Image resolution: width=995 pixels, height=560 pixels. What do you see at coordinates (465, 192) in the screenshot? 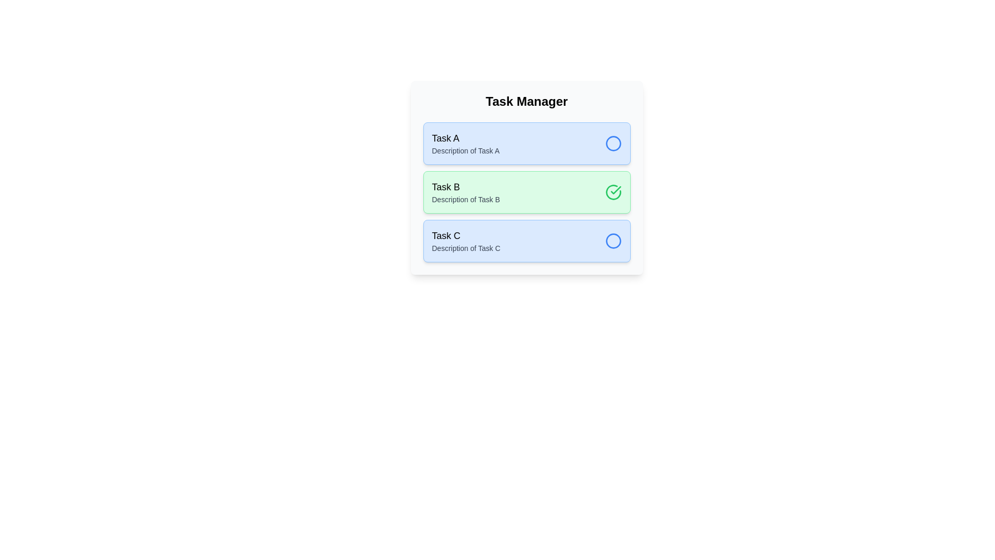
I see `the labeled text block containing 'Task B' and 'Description of Task B' for copying or reference by clicking on its center` at bounding box center [465, 192].